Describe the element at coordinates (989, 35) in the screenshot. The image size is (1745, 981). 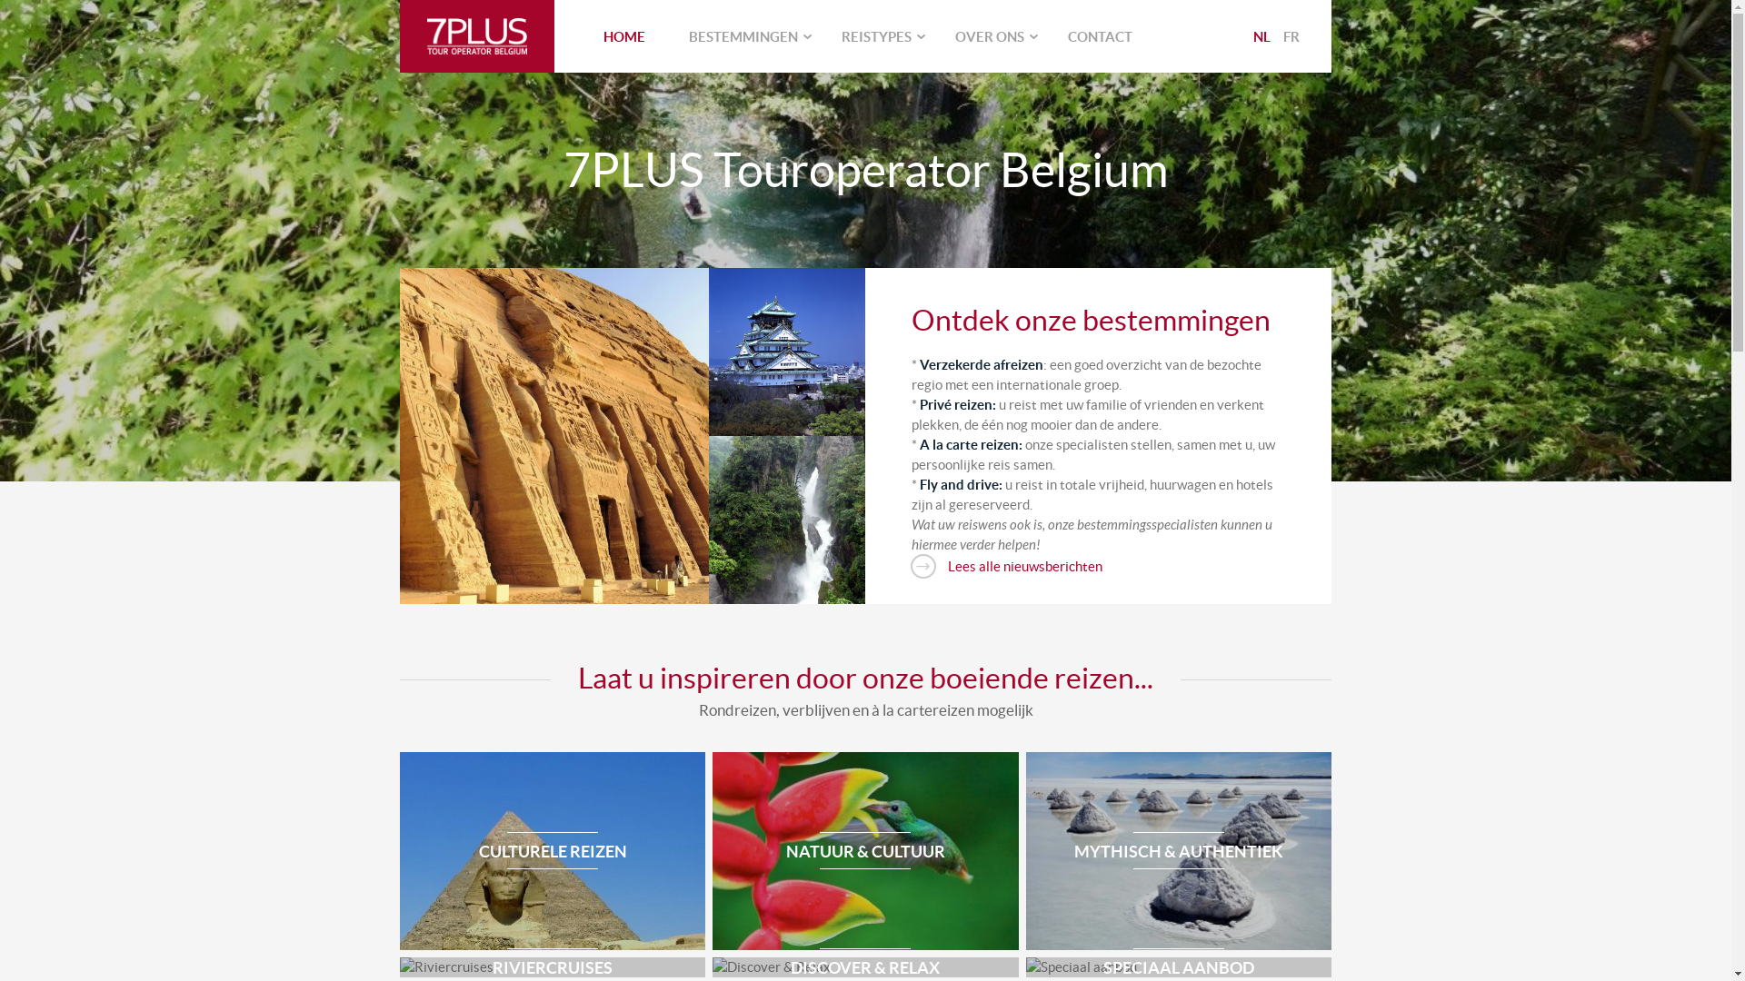
I see `'OVER ONS'` at that location.